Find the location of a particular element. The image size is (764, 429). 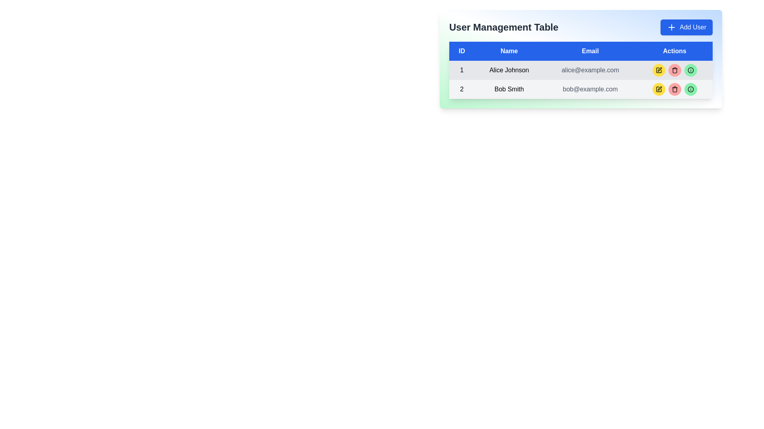

the rectangular shape representing the main body of the trash bin icon within the SVG for user 'Bob Smith' is located at coordinates (674, 89).